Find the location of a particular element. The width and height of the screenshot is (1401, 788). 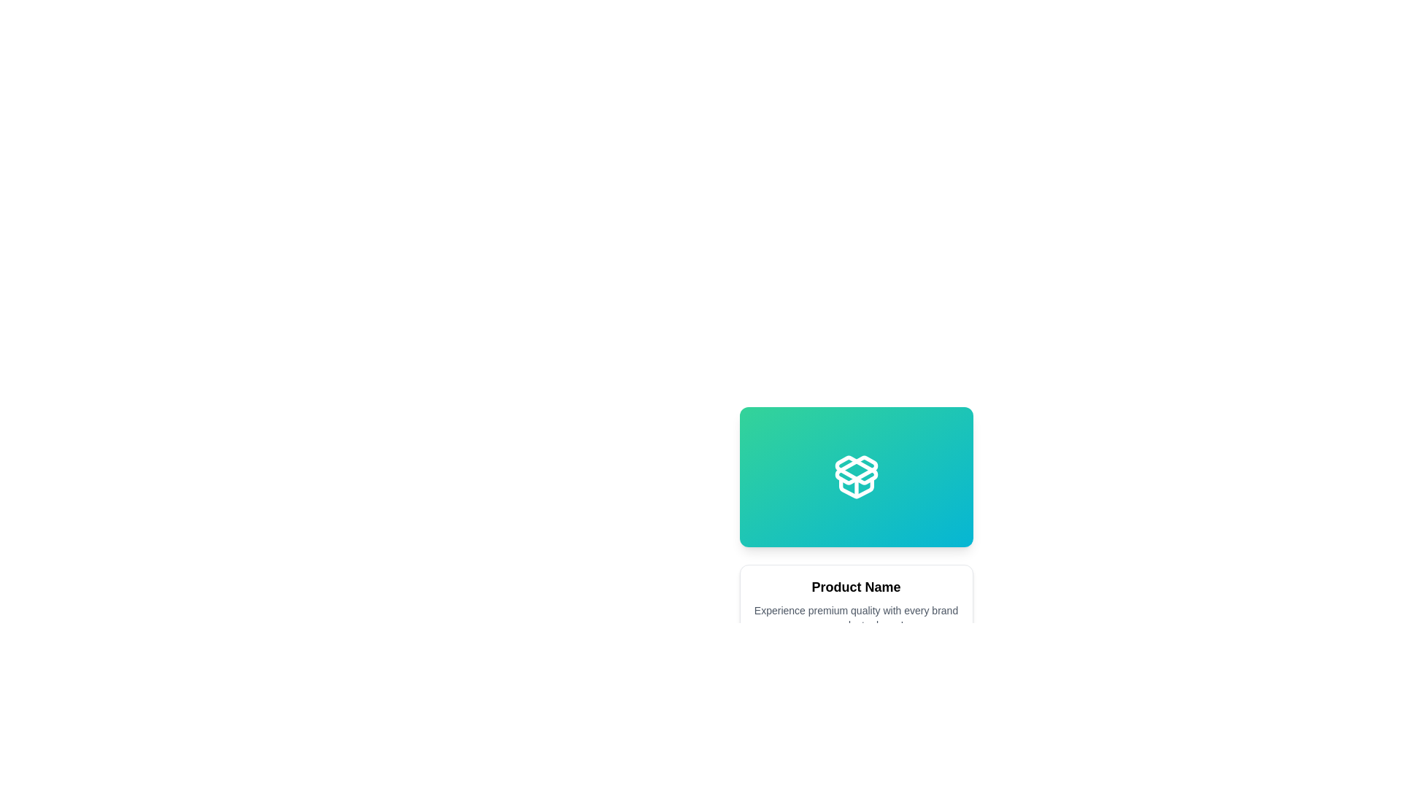

the decorative icon that represents a logo or emblem, centrally positioned within the gradient rectangle above the product name and description is located at coordinates (856, 470).